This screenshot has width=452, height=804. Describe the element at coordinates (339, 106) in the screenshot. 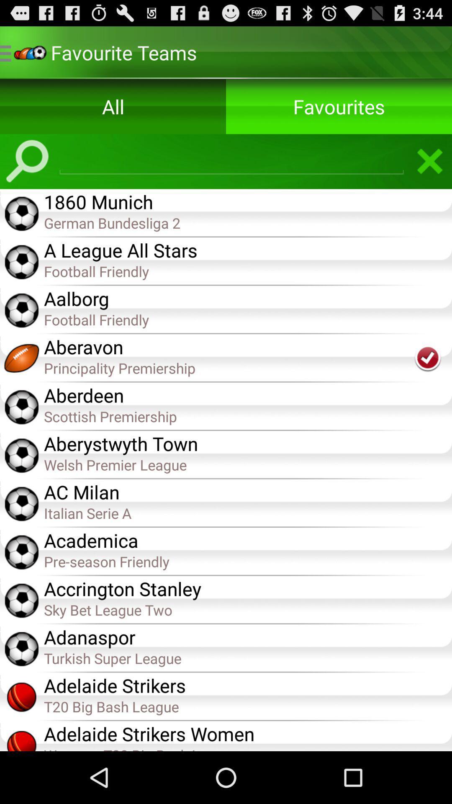

I see `the favourites button` at that location.